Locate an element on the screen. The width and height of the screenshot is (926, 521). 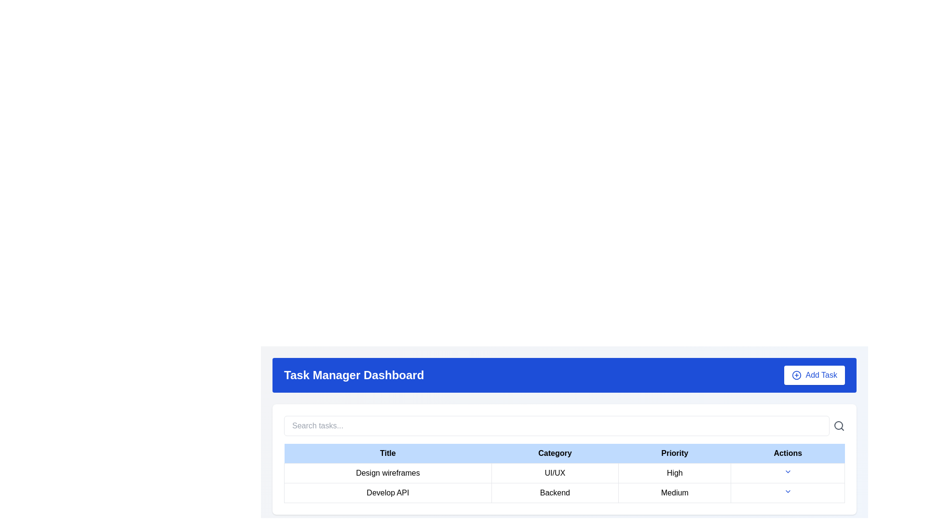
the Dropdown toggle button's chevron in the 'Actions' column of the second row to change its color is located at coordinates (788, 471).